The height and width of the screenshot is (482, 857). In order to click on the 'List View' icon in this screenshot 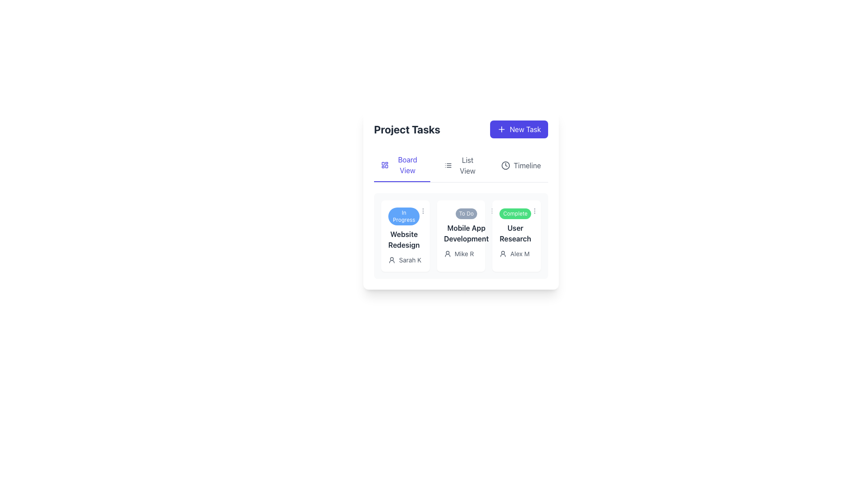, I will do `click(448, 165)`.